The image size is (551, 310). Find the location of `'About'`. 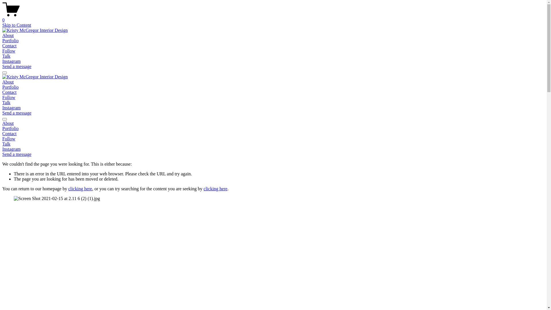

'About' is located at coordinates (273, 123).